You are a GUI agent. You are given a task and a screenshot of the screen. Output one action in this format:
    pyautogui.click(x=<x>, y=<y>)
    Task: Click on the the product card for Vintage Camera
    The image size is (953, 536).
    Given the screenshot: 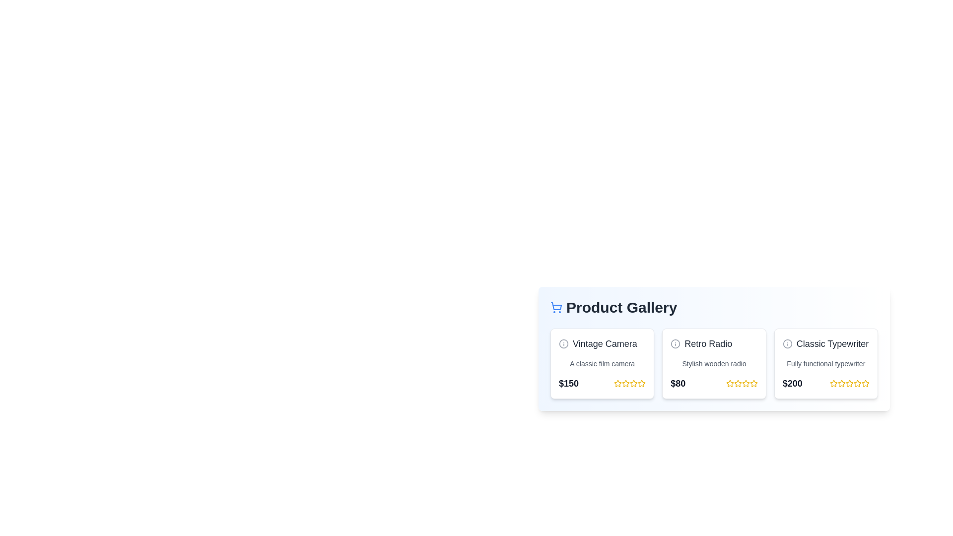 What is the action you would take?
    pyautogui.click(x=602, y=363)
    